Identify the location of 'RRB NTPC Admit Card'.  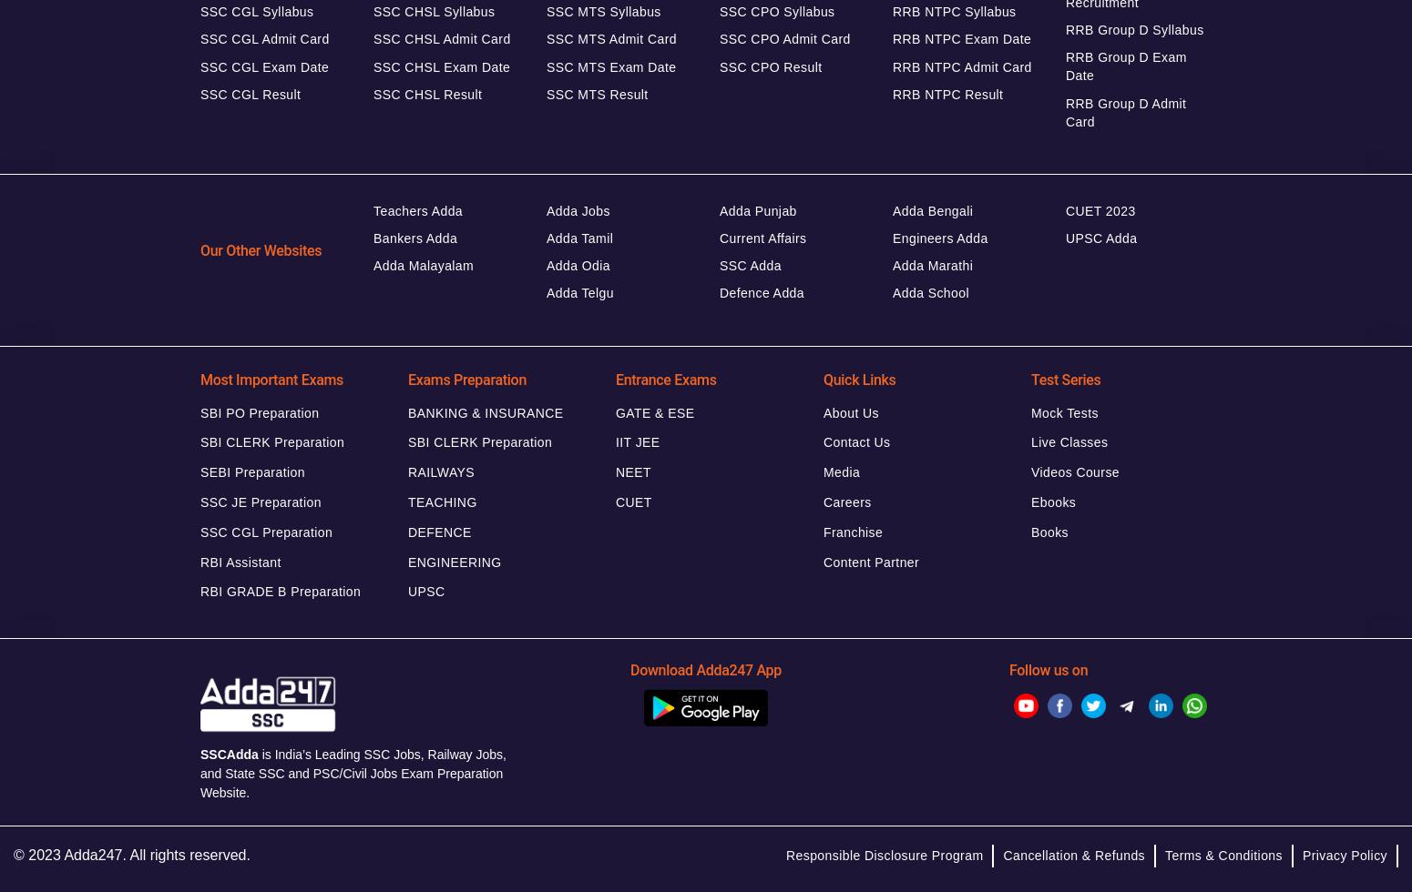
(962, 66).